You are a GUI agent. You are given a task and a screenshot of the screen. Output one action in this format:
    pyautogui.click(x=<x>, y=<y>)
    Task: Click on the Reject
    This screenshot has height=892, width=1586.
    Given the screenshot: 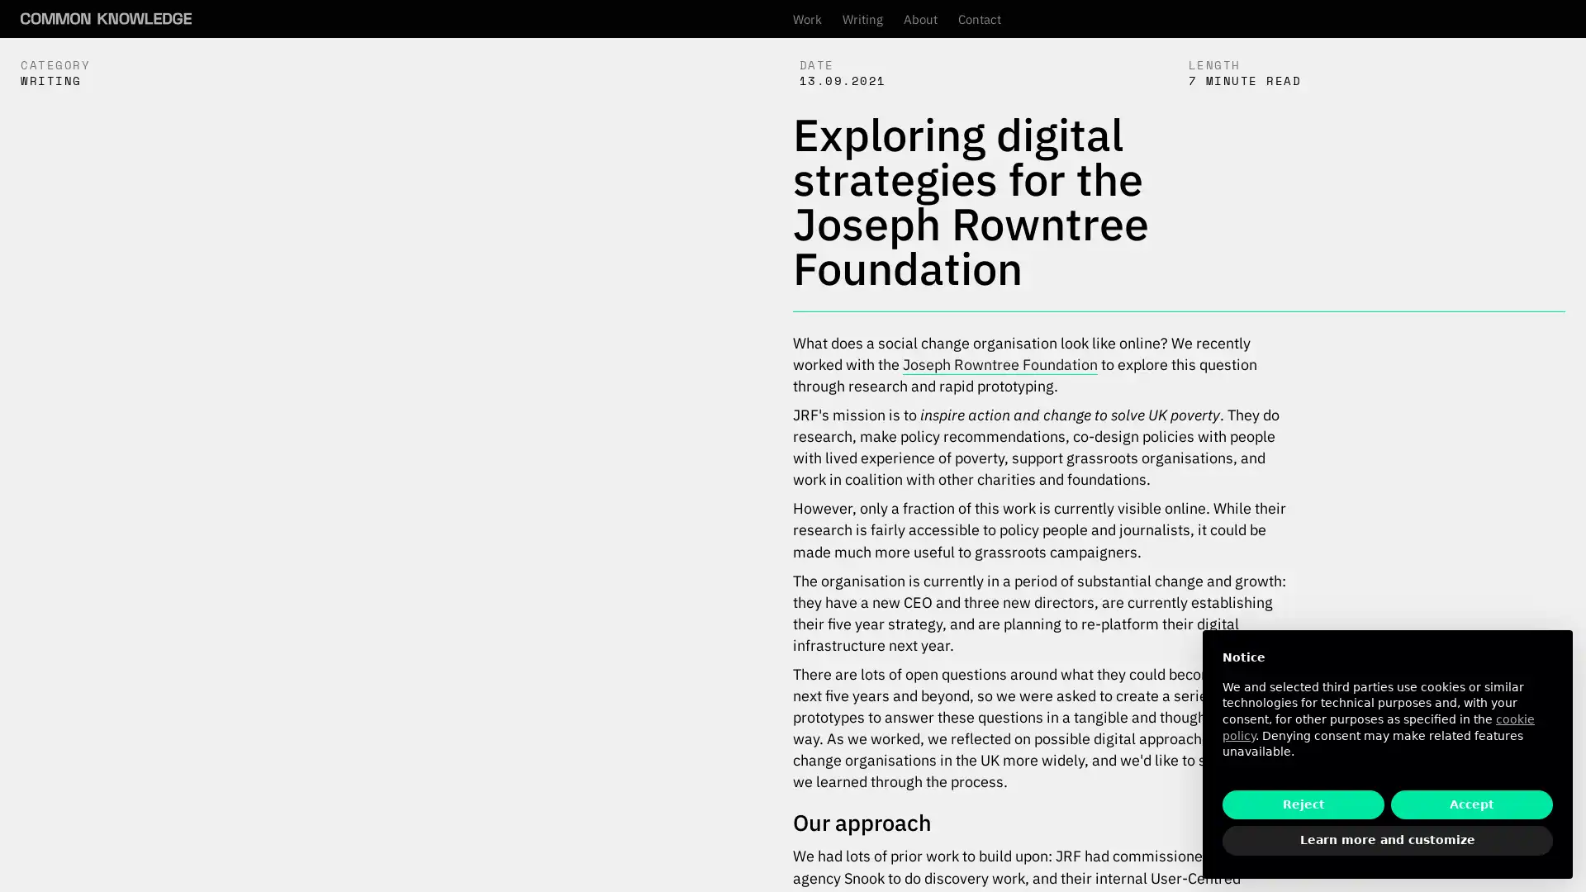 What is the action you would take?
    pyautogui.click(x=1303, y=804)
    